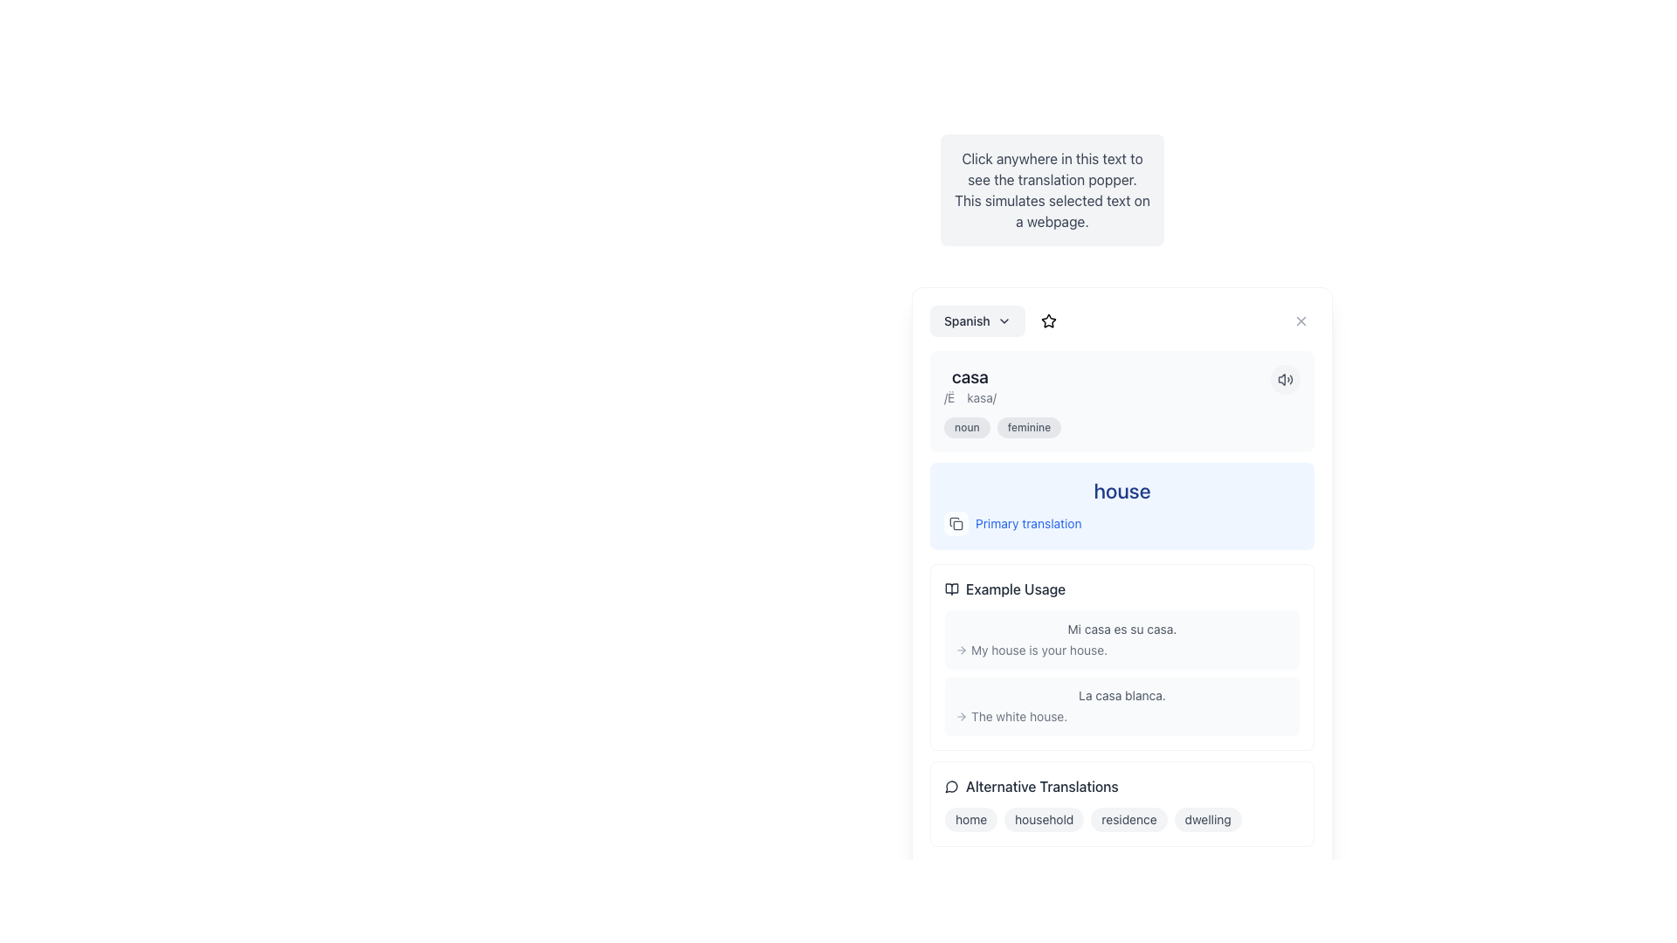  I want to click on the audio output or volume control icon located at the top-right corner of the interface, which is represented by a rounded, gray background, so click(1286, 379).